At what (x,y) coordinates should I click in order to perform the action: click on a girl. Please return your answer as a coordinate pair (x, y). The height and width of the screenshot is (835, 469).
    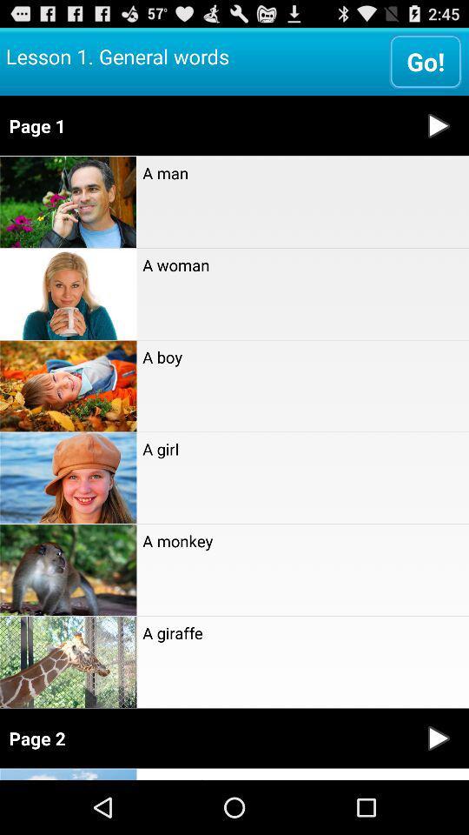
    Looking at the image, I should click on (301, 448).